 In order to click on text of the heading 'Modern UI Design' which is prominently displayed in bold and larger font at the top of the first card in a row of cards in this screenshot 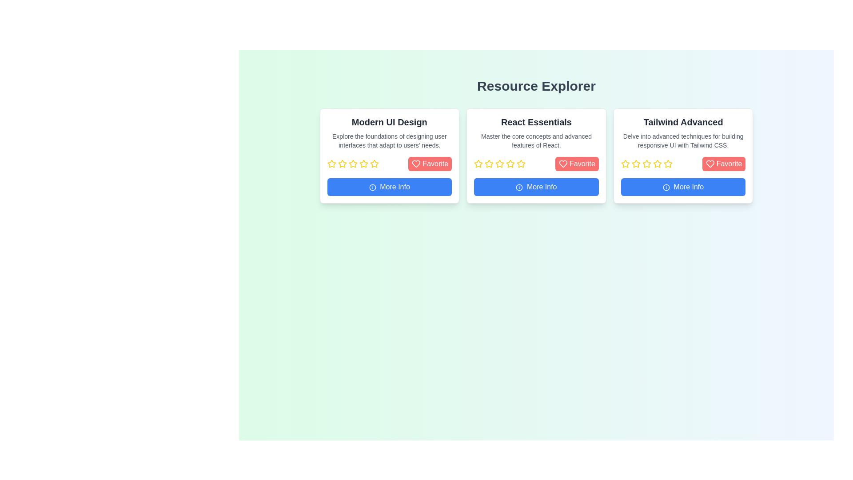, I will do `click(389, 122)`.